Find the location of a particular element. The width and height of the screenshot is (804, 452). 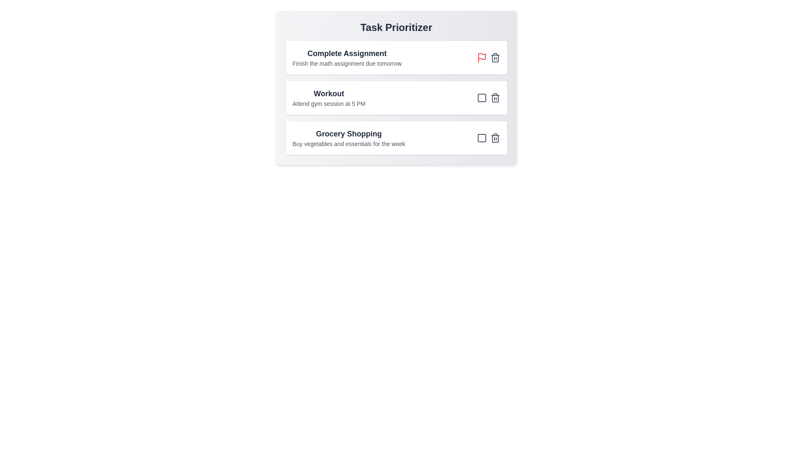

the task description text for Complete Assignment is located at coordinates (347, 63).